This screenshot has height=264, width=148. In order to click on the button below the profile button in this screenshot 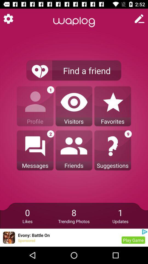, I will do `click(35, 150)`.